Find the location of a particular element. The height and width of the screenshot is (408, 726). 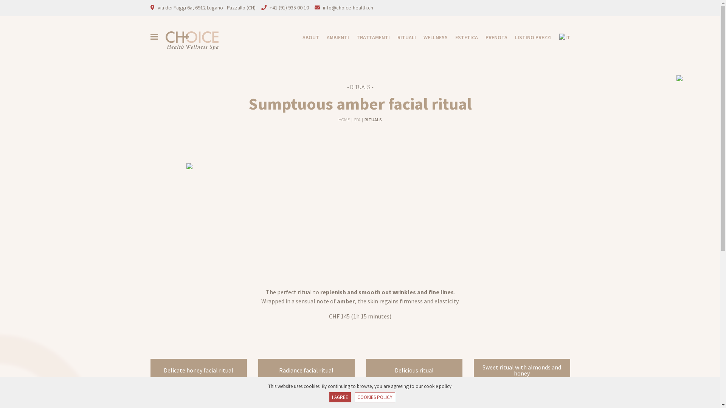

'SPA' is located at coordinates (357, 119).